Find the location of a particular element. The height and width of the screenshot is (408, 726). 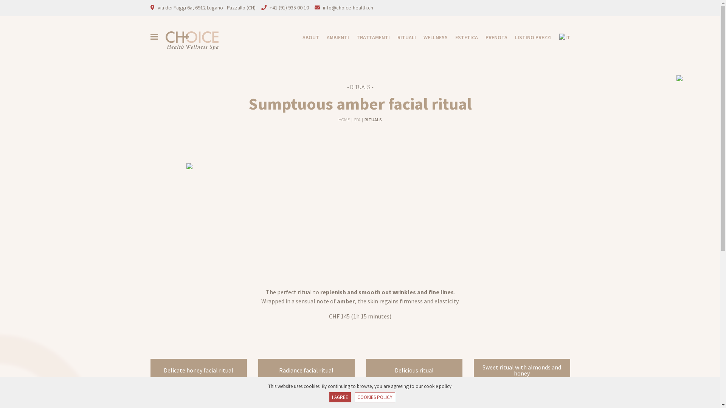

'SPA' is located at coordinates (357, 119).